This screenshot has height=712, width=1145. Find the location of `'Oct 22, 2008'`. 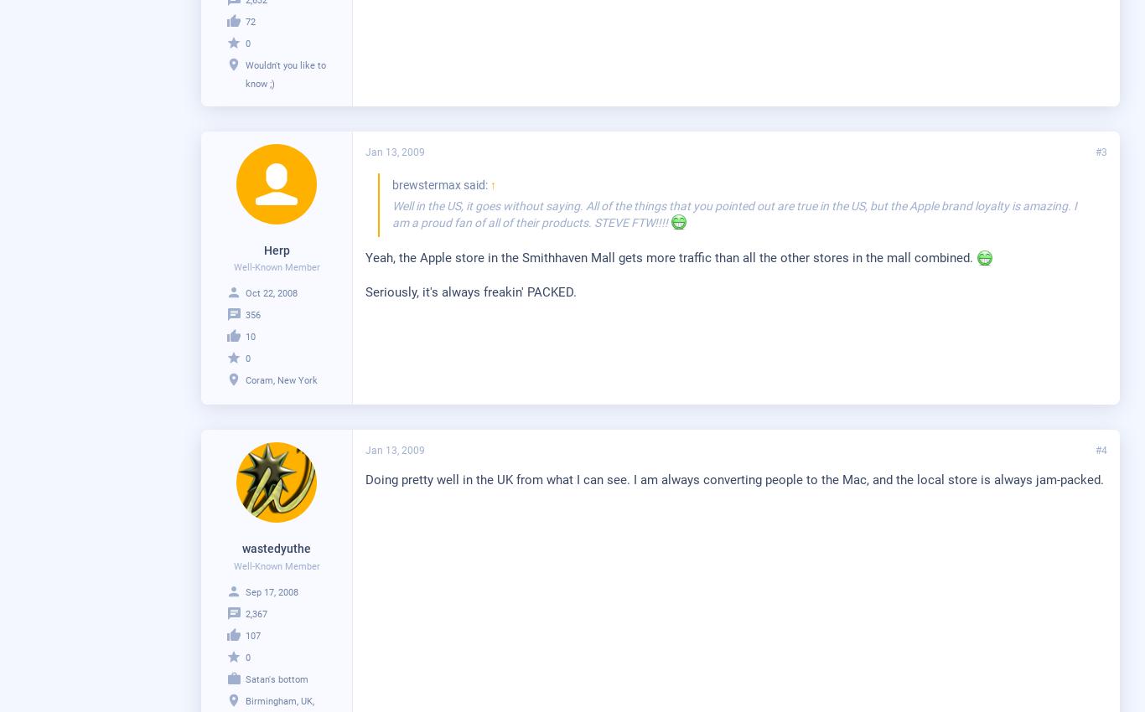

'Oct 22, 2008' is located at coordinates (272, 292).